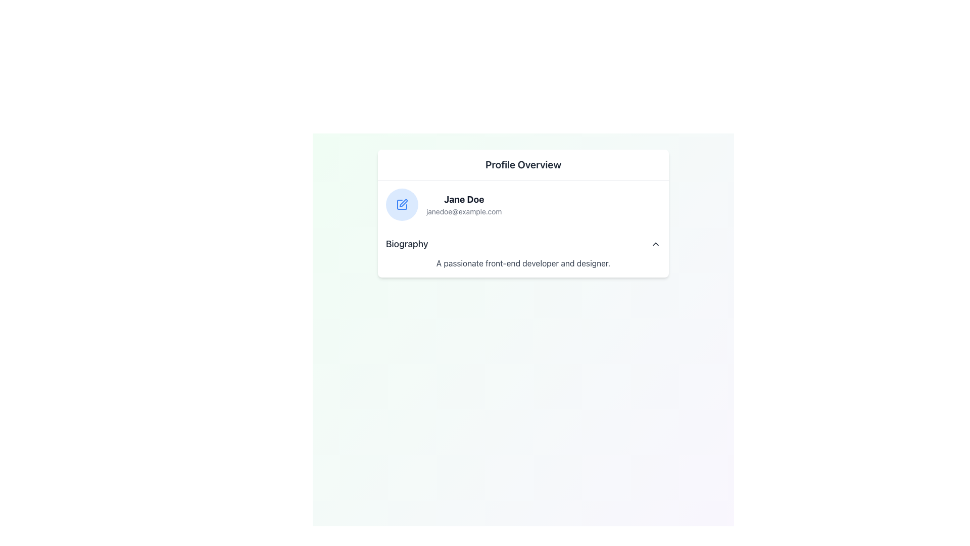  What do you see at coordinates (523, 164) in the screenshot?
I see `the text heading labeled 'Profile Overview', which is bold, larger, and centrally aligned at the top of the main content area` at bounding box center [523, 164].